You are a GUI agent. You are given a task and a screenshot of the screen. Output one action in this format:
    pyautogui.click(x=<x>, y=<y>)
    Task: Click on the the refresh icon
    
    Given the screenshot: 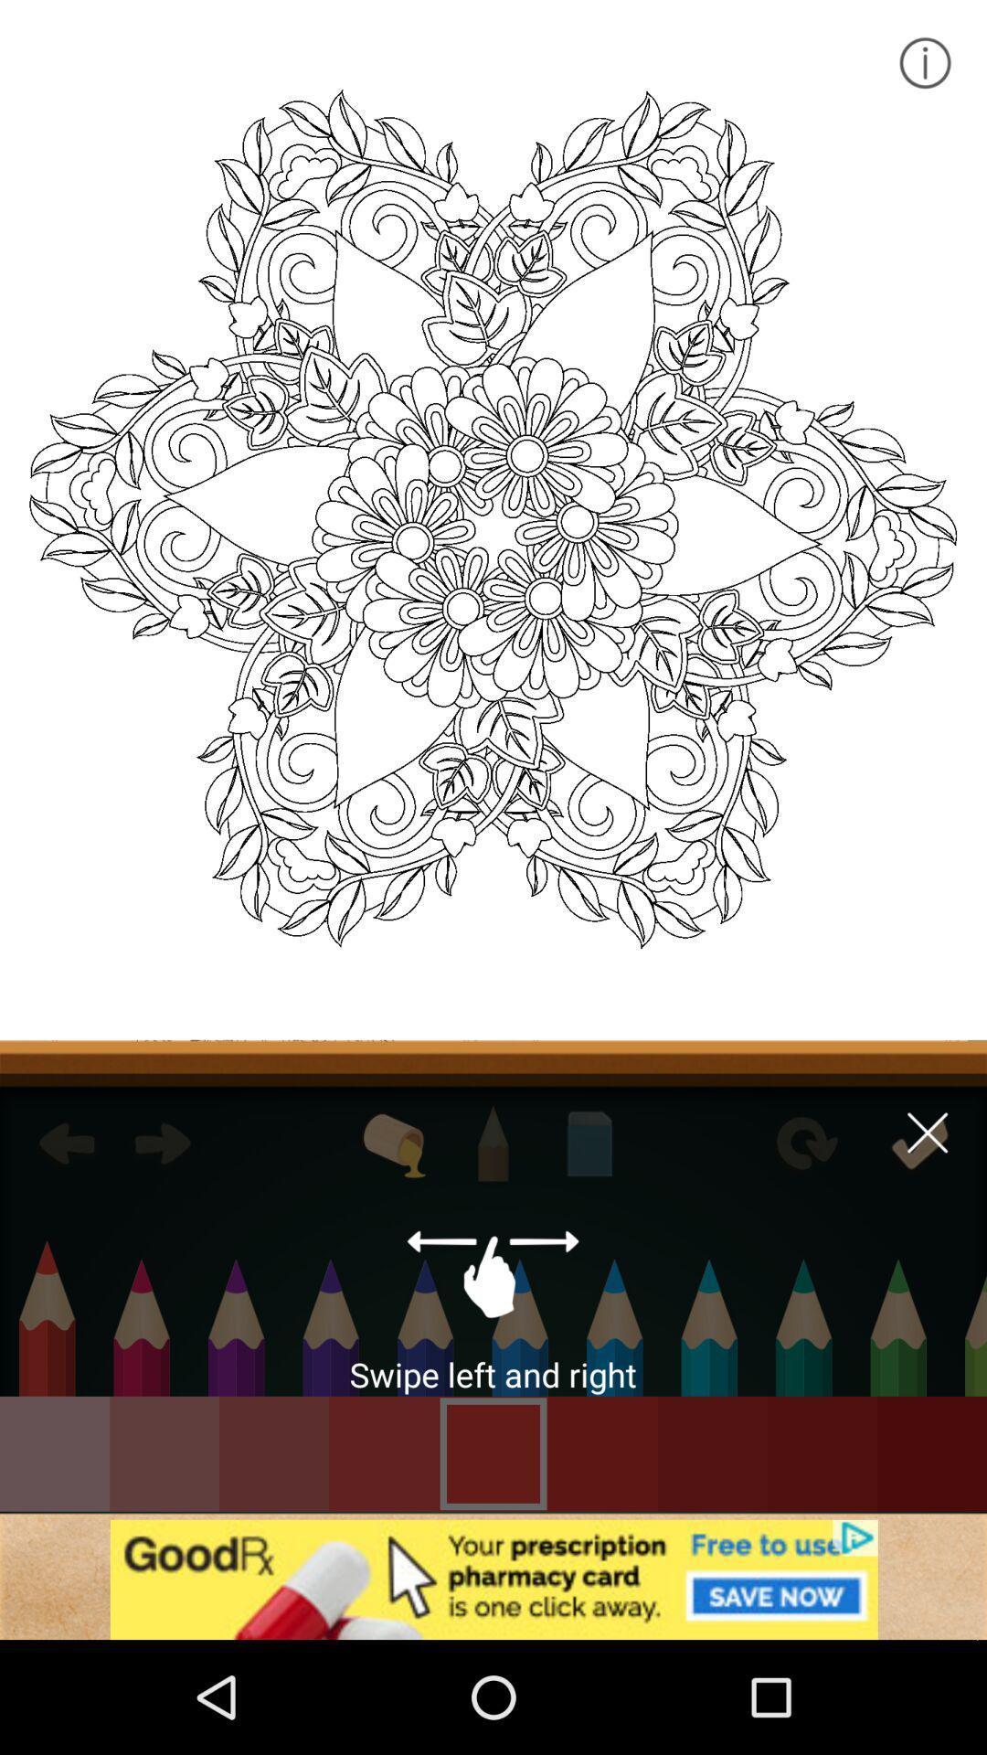 What is the action you would take?
    pyautogui.click(x=803, y=1143)
    